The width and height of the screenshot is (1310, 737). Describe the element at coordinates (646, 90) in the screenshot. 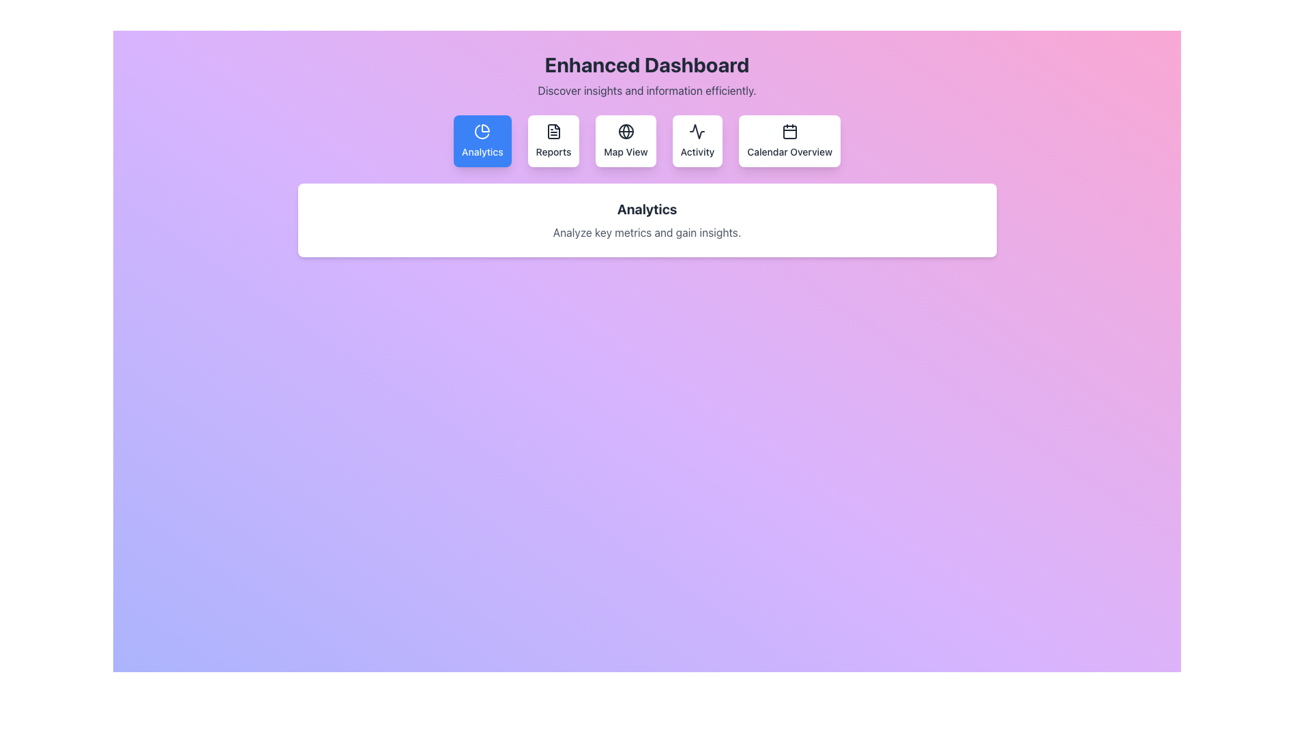

I see `the text snippet reading 'Discover insights and information efficiently.' which is directly below the 'Enhanced Dashboard' title` at that location.